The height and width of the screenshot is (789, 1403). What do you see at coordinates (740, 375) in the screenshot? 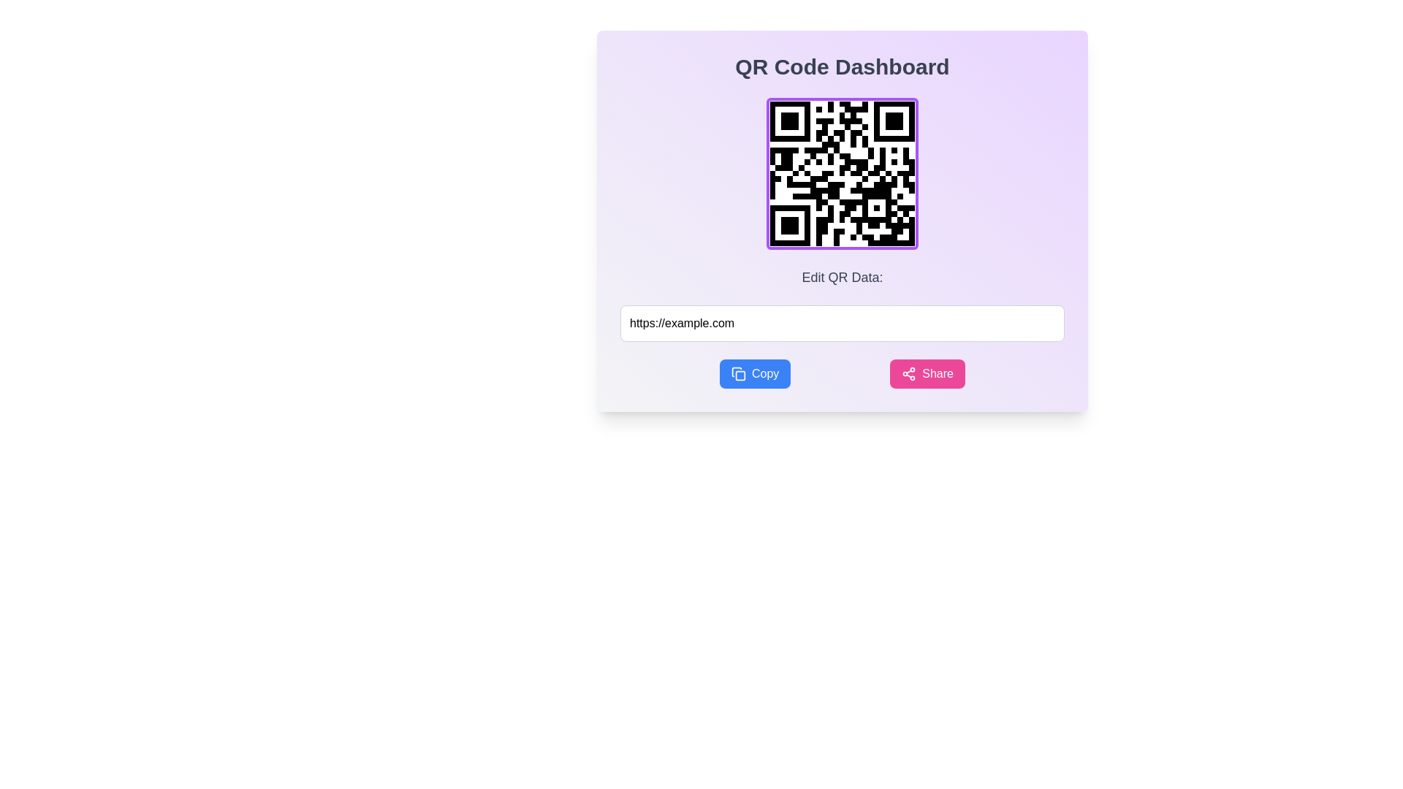
I see `the 'Copy' icon located within the blue button at the bottom left of the card interface, which visually represents the copy action` at bounding box center [740, 375].